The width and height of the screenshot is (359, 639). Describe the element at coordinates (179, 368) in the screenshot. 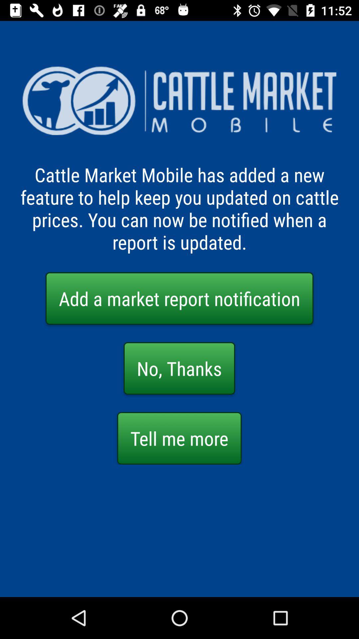

I see `the icon below add a market item` at that location.